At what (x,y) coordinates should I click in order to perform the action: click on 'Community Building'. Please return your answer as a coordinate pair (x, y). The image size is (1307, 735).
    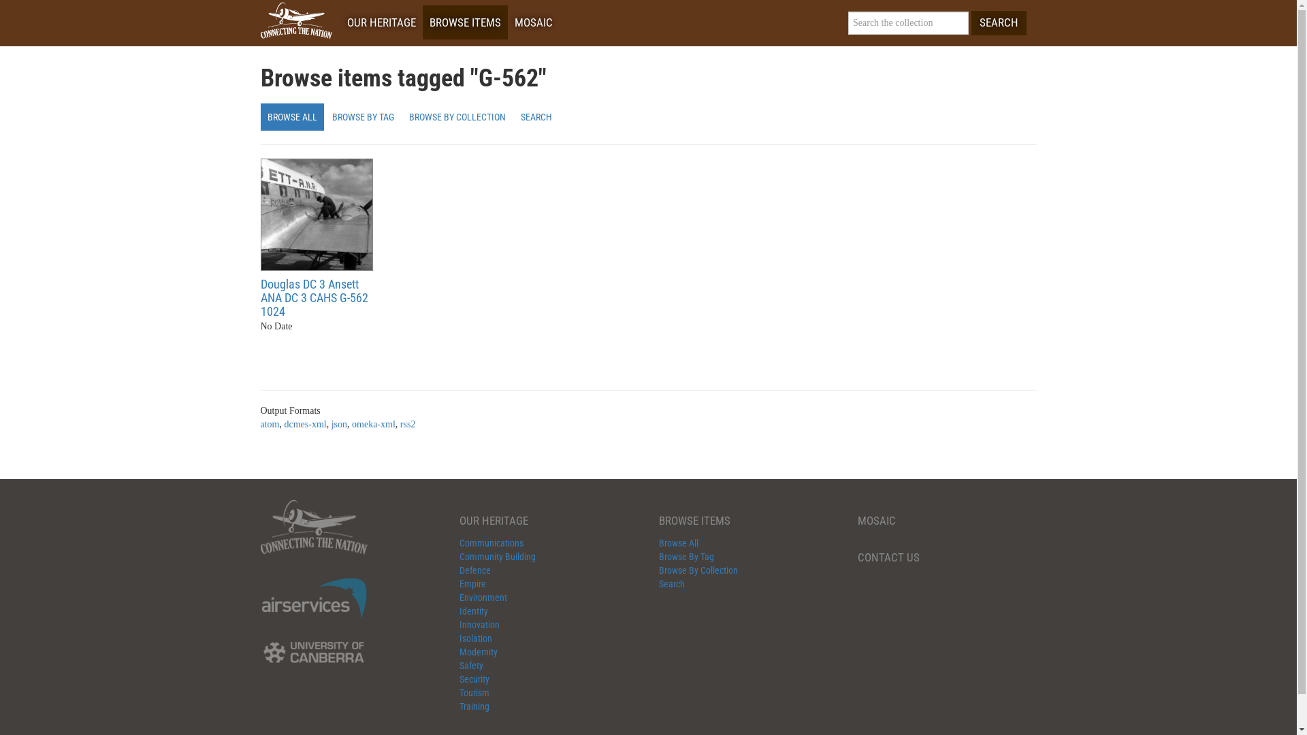
    Looking at the image, I should click on (496, 556).